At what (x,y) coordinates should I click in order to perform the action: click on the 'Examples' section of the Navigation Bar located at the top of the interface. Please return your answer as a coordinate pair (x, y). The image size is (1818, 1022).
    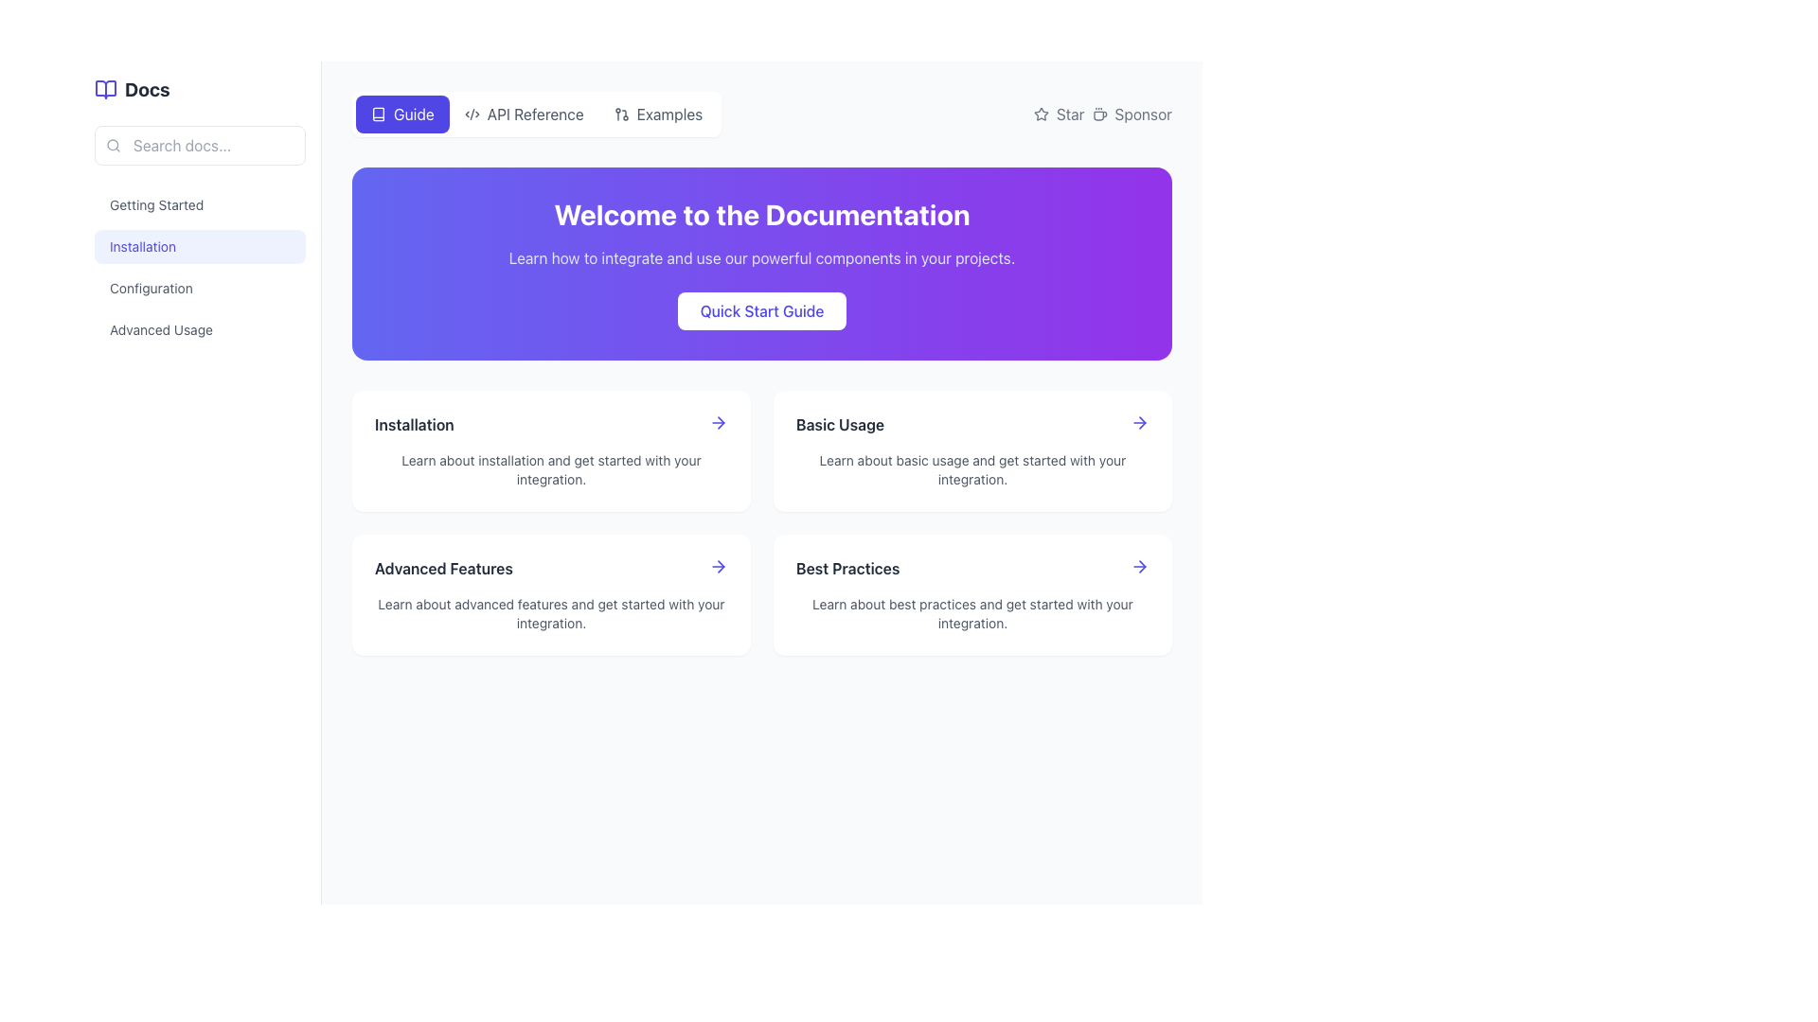
    Looking at the image, I should click on (762, 114).